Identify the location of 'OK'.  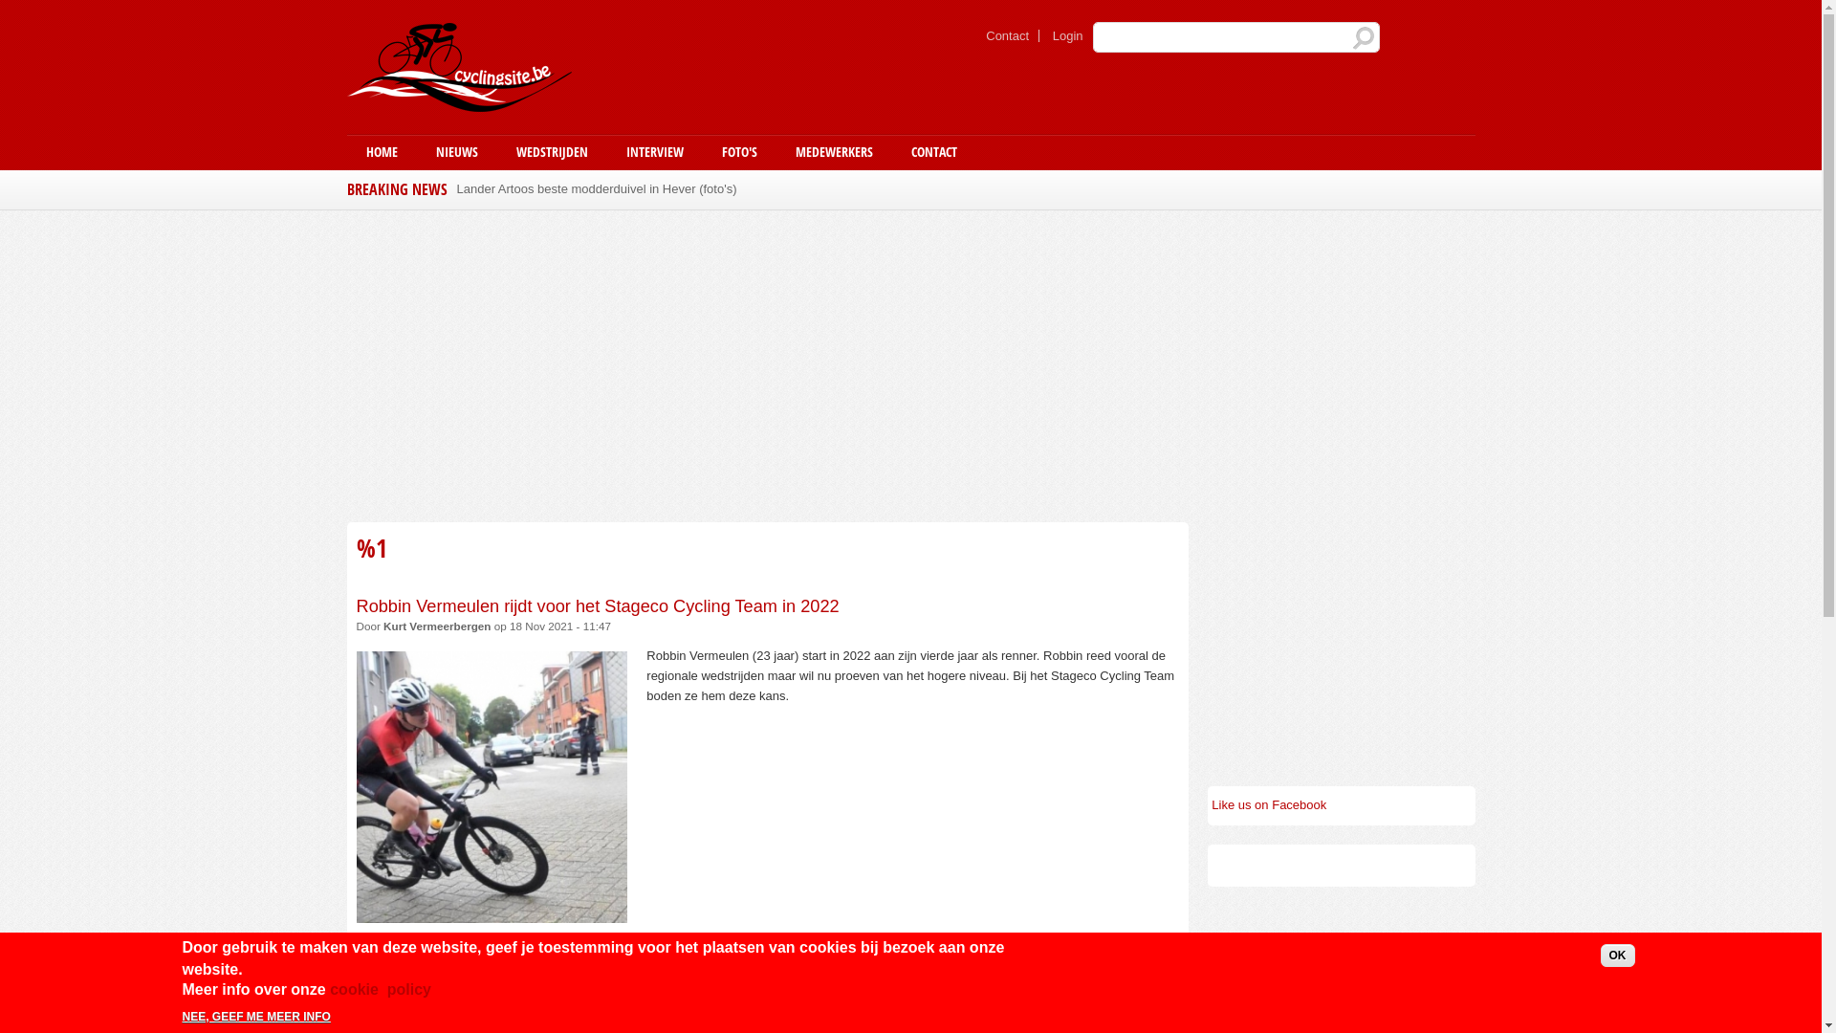
(1616, 956).